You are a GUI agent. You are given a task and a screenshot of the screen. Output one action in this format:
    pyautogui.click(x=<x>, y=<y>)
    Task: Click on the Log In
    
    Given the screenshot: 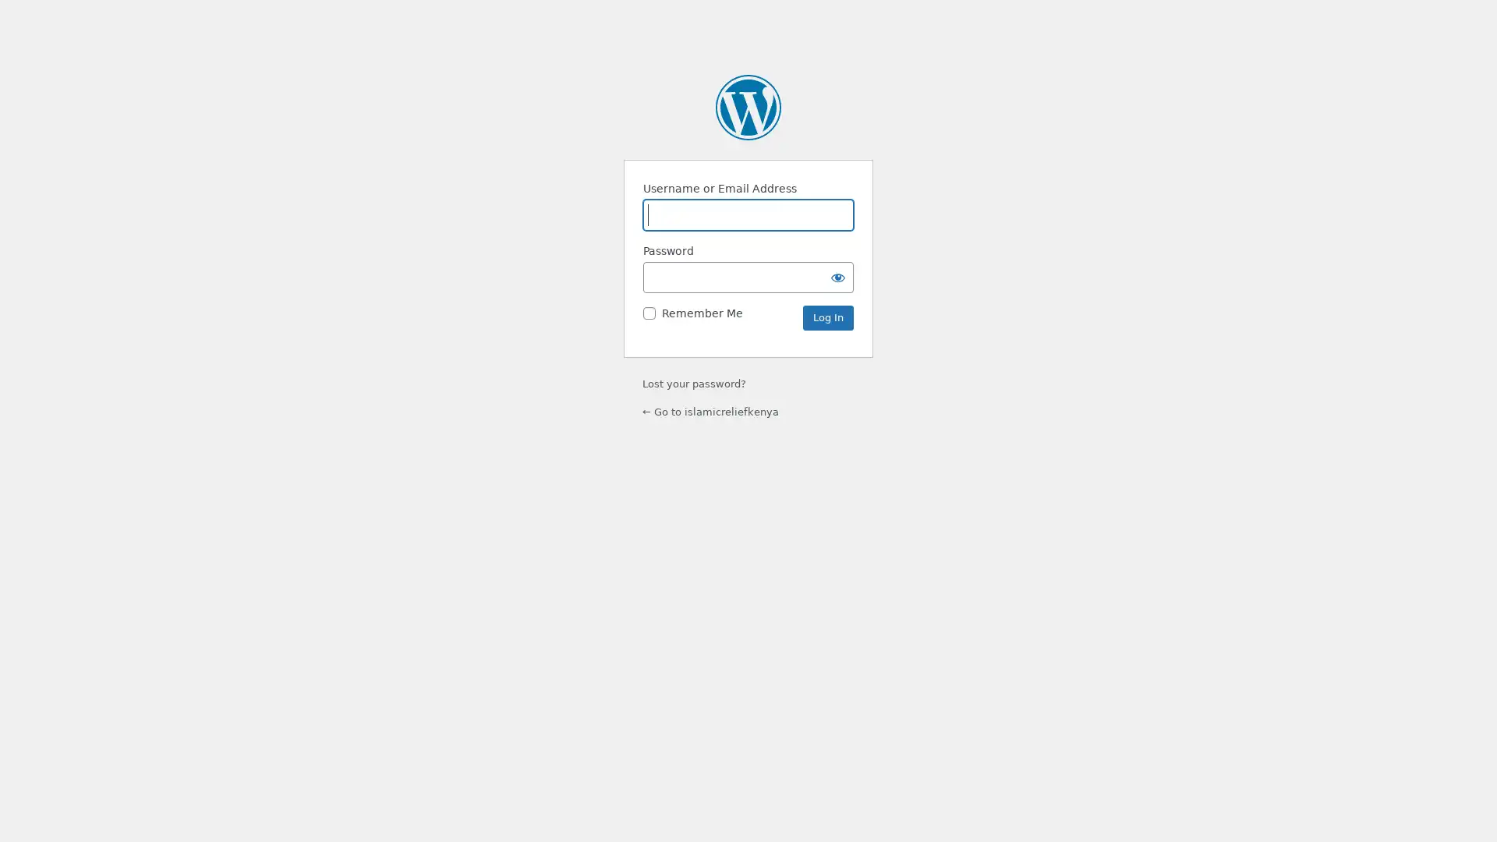 What is the action you would take?
    pyautogui.click(x=827, y=317)
    